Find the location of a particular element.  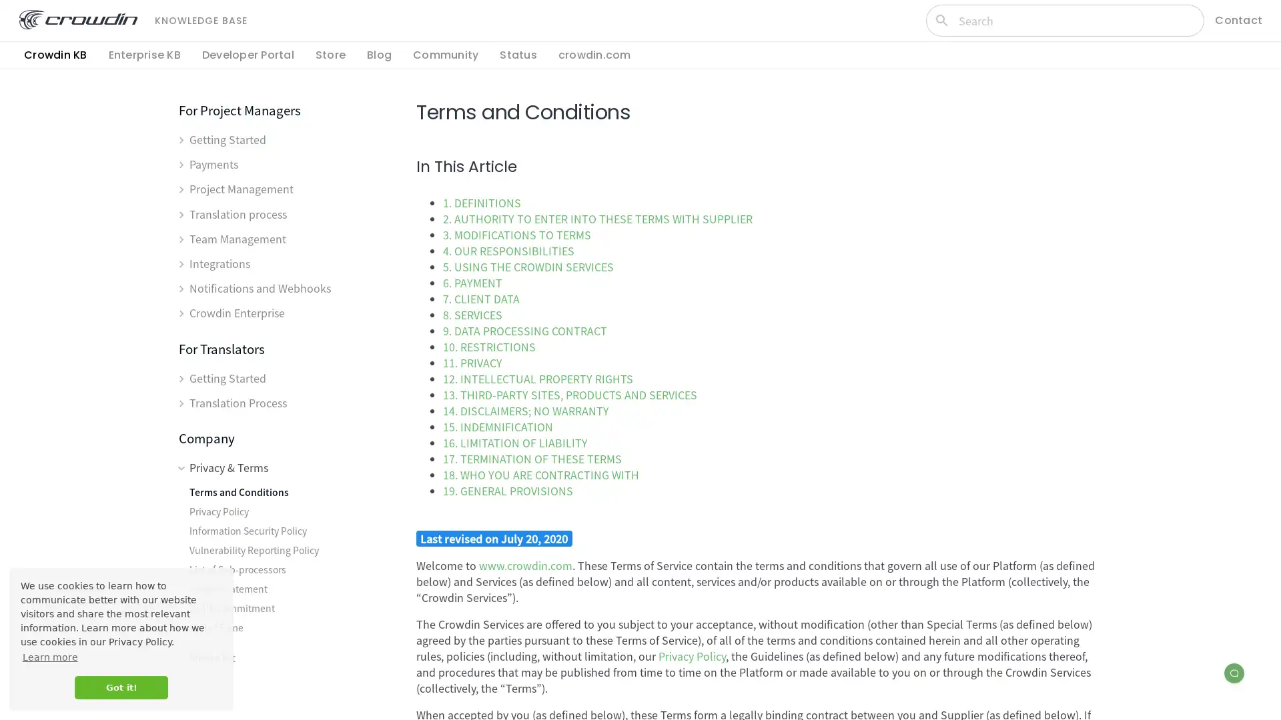

dismiss cookie message is located at coordinates (121, 687).